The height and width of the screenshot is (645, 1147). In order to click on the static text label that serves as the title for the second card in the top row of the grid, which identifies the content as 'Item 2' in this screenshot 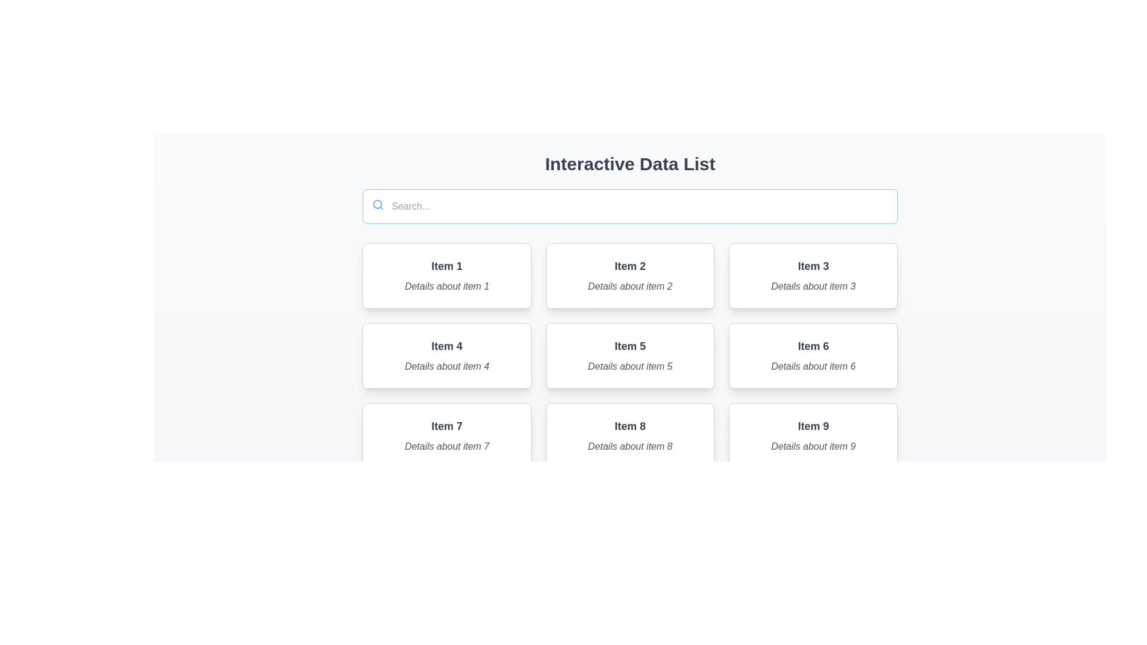, I will do `click(630, 266)`.